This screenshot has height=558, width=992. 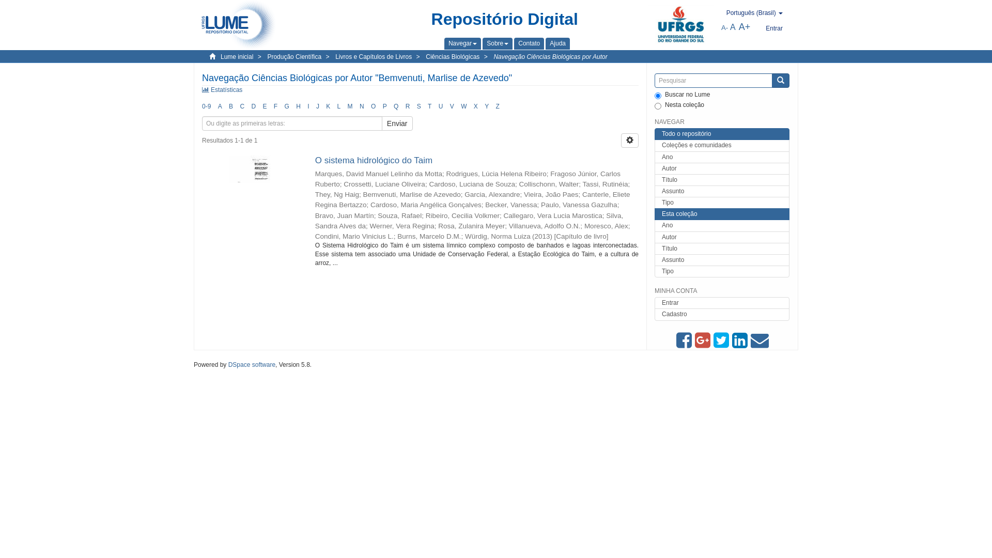 What do you see at coordinates (317, 106) in the screenshot?
I see `'J'` at bounding box center [317, 106].